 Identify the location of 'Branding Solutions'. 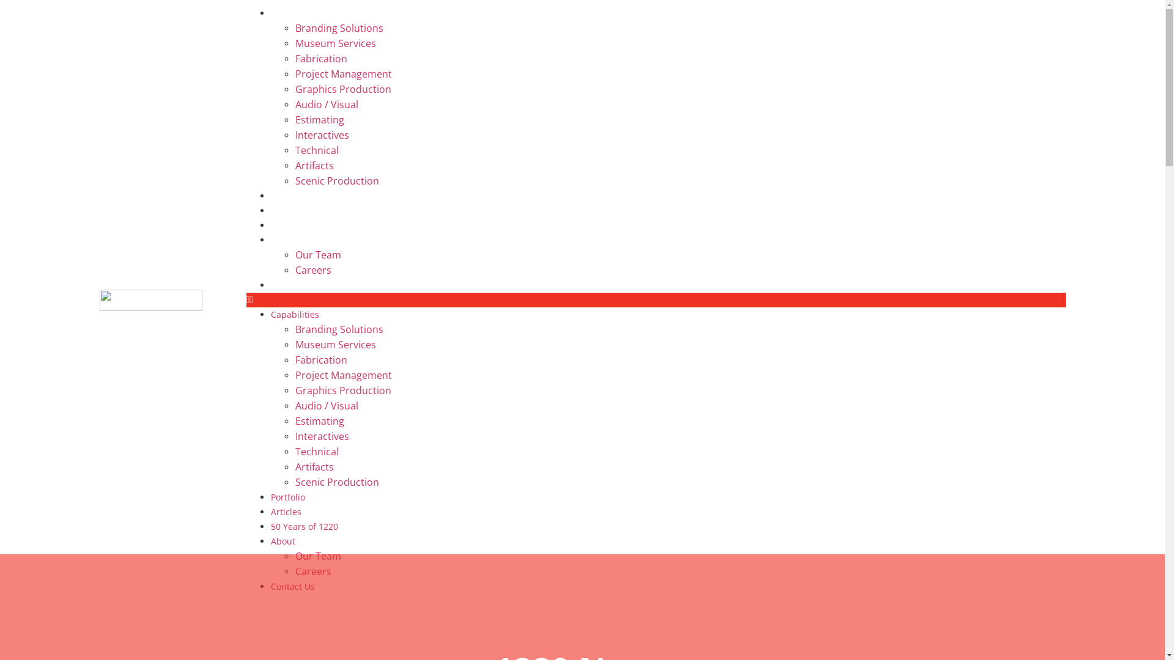
(294, 329).